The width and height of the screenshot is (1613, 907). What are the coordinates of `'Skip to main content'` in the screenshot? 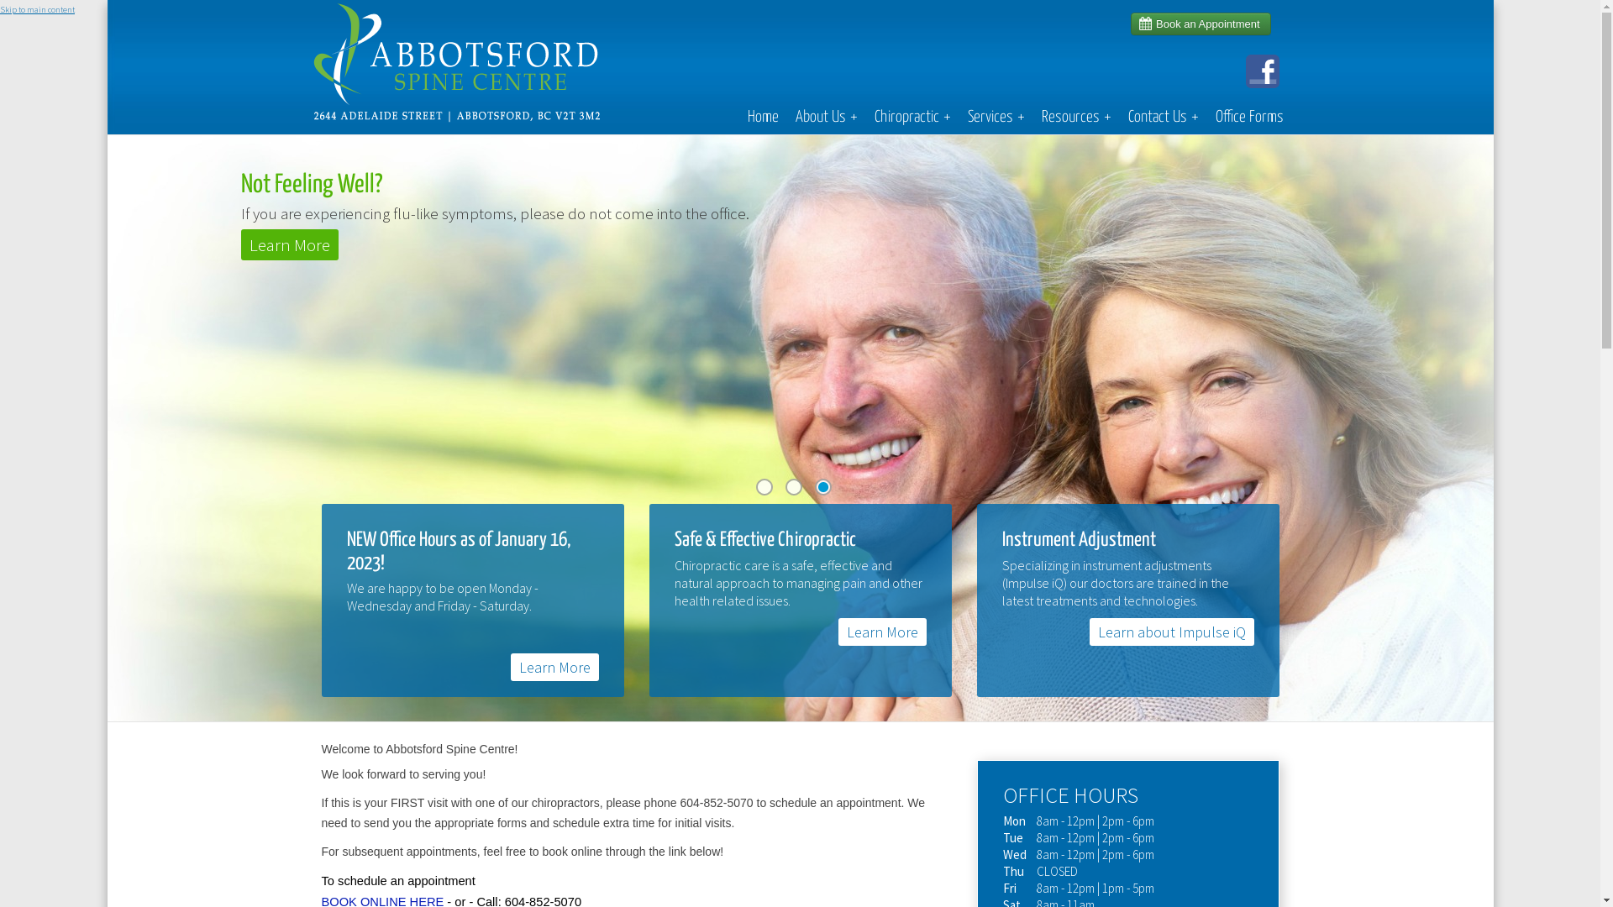 It's located at (37, 9).